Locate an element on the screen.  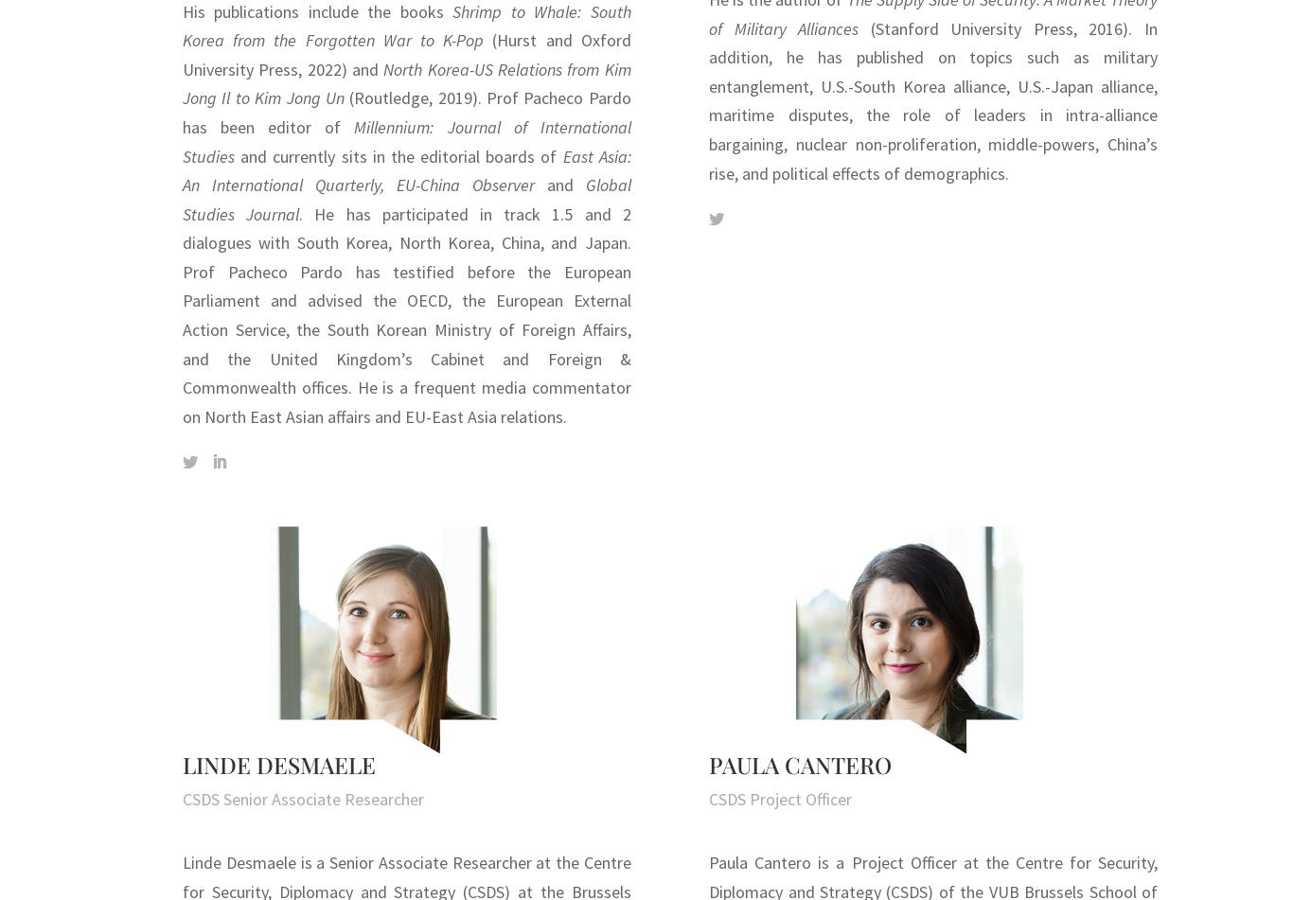
'and currently sits in the editorial boards of' is located at coordinates (234, 155).